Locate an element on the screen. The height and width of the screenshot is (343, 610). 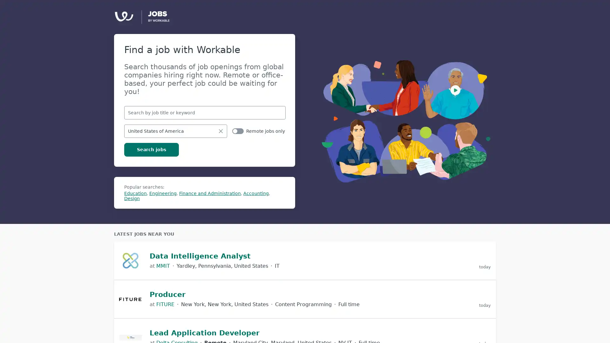
MMIT is located at coordinates (163, 266).